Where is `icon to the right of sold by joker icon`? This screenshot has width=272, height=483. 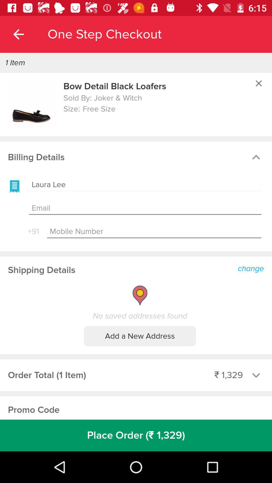
icon to the right of sold by joker icon is located at coordinates (259, 83).